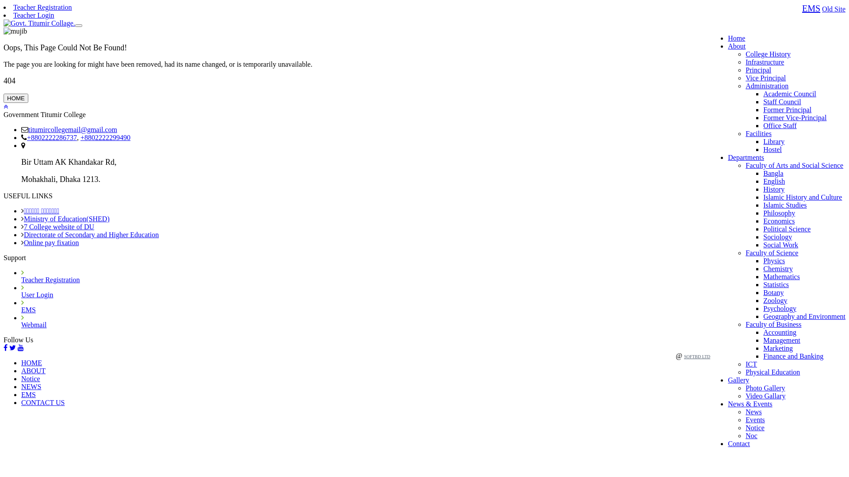  Describe the element at coordinates (736, 38) in the screenshot. I see `'Home'` at that location.